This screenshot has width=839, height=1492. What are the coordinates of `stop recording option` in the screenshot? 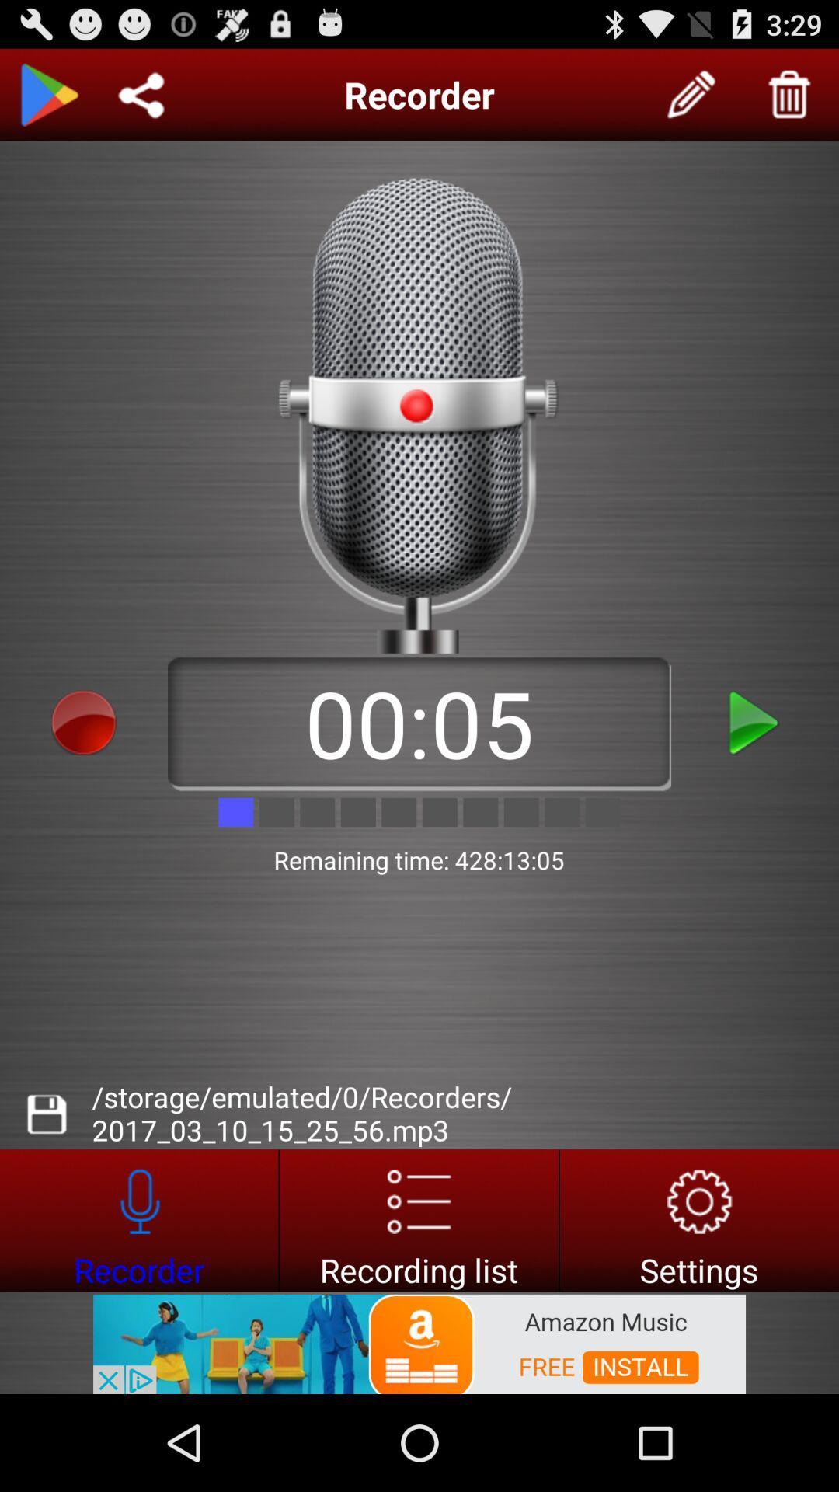 It's located at (84, 722).